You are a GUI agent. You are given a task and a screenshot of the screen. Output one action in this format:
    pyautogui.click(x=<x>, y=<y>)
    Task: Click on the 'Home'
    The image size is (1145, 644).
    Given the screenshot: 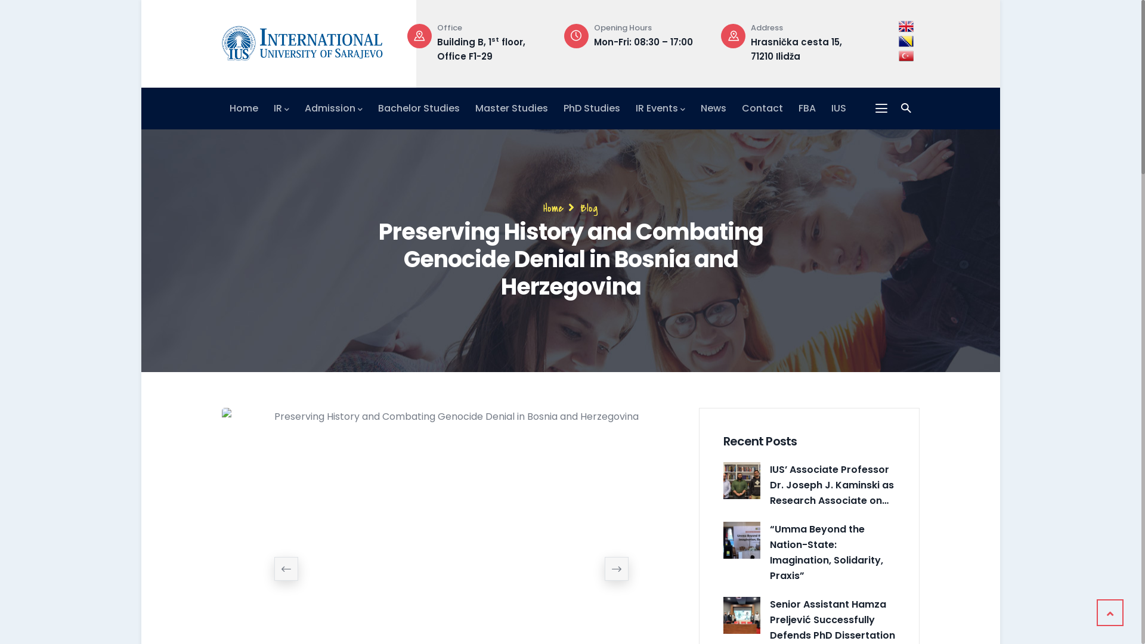 What is the action you would take?
    pyautogui.click(x=552, y=207)
    